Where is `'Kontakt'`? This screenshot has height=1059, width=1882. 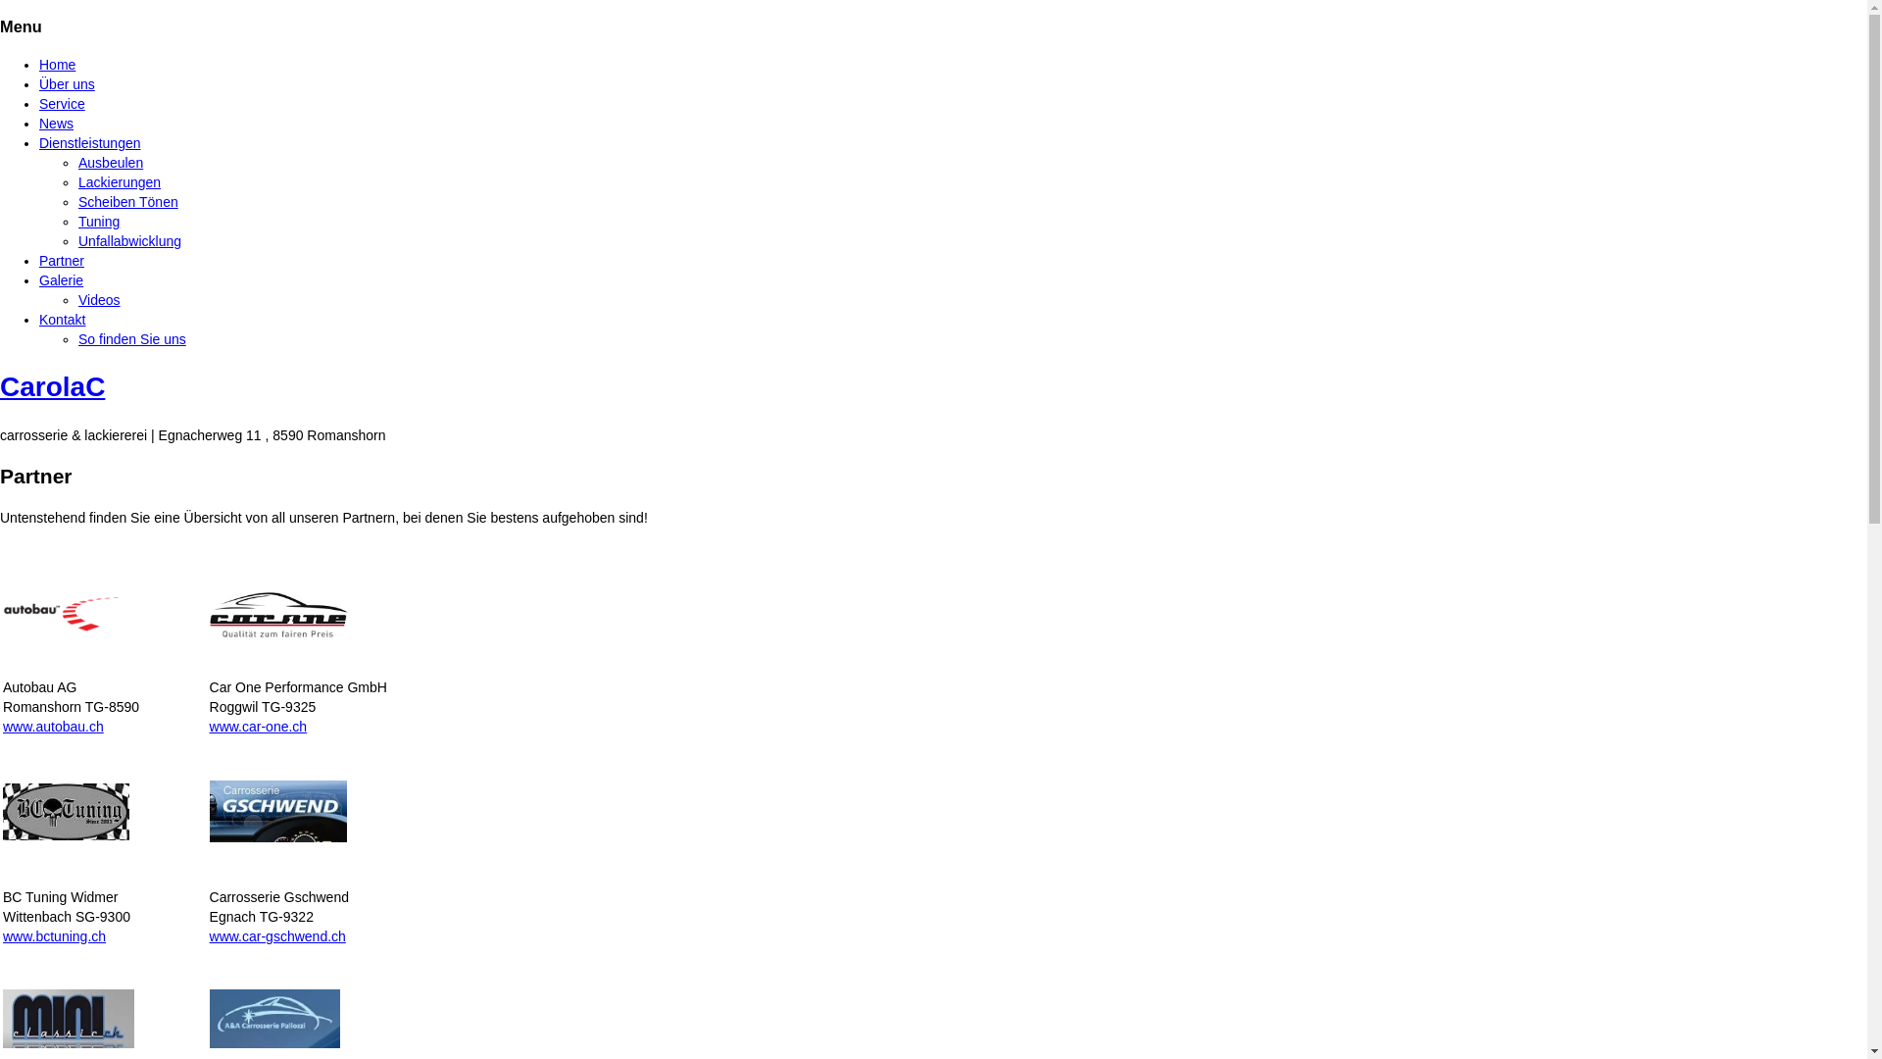
'Kontakt' is located at coordinates (62, 319).